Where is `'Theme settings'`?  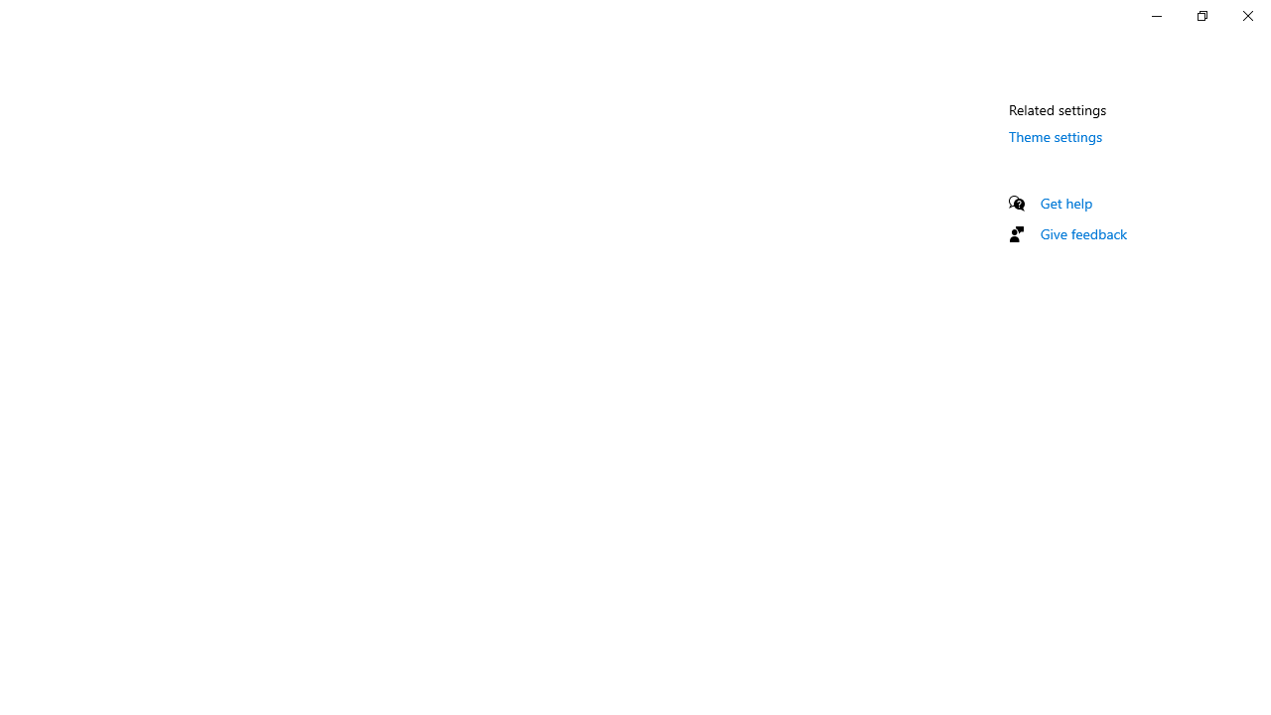 'Theme settings' is located at coordinates (1055, 135).